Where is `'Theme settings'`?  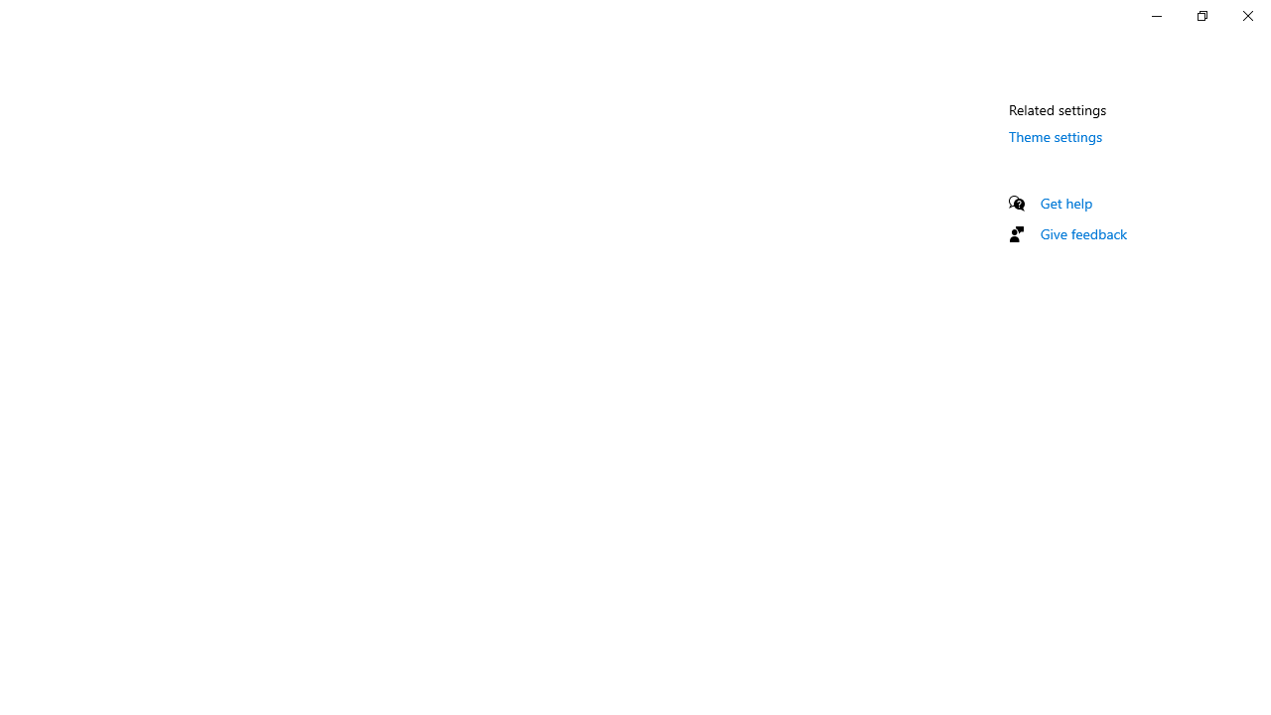 'Theme settings' is located at coordinates (1055, 135).